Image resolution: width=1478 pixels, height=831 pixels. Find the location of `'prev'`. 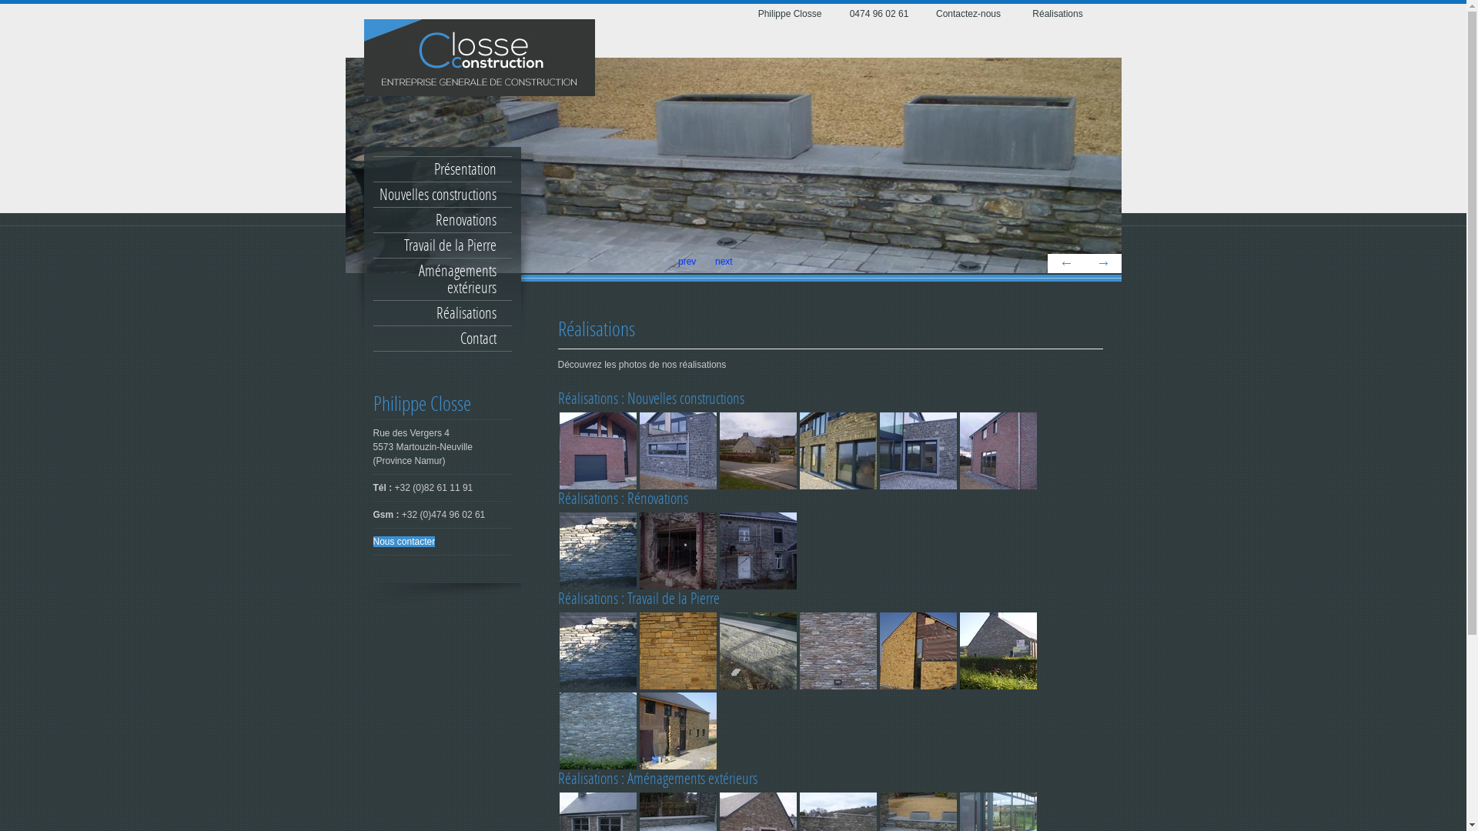

'prev' is located at coordinates (1064, 262).